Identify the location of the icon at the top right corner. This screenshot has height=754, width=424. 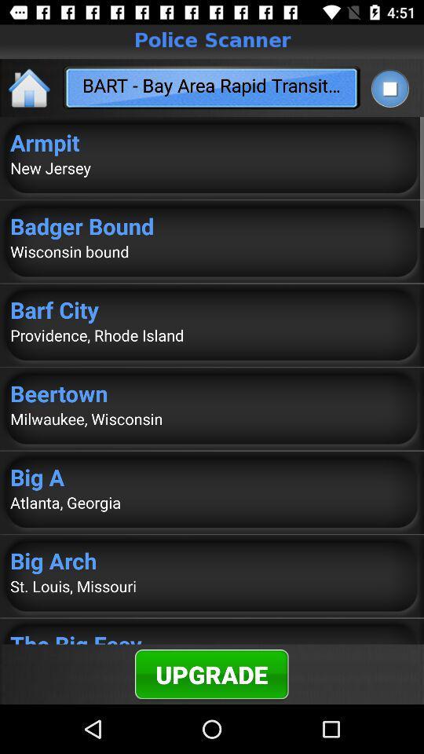
(389, 88).